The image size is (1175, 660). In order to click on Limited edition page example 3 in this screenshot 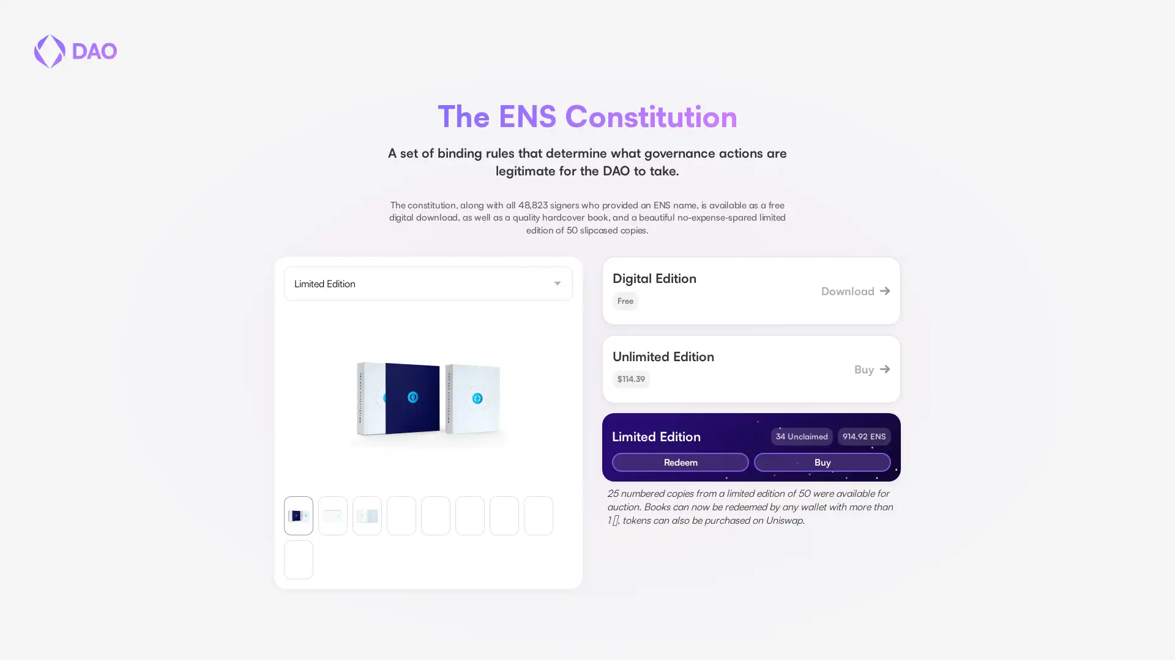, I will do `click(435, 515)`.